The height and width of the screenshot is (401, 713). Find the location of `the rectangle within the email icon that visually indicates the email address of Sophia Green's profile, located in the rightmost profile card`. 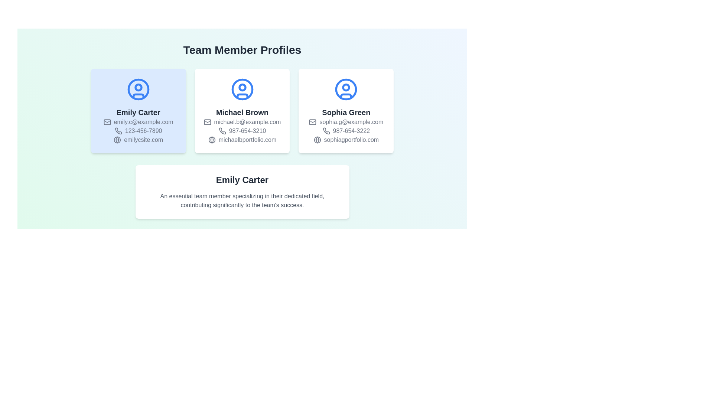

the rectangle within the email icon that visually indicates the email address of Sophia Green's profile, located in the rightmost profile card is located at coordinates (313, 121).